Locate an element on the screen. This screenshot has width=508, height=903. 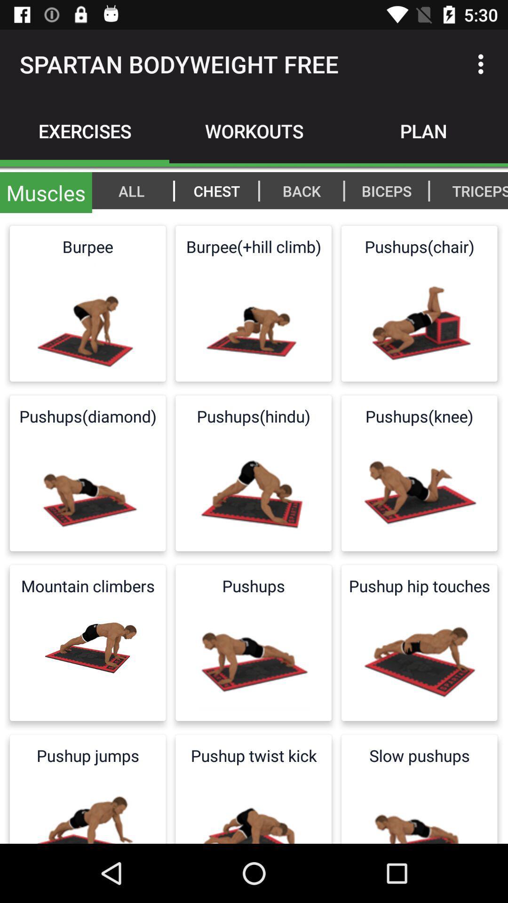
icon to the left of | item is located at coordinates (216, 190).